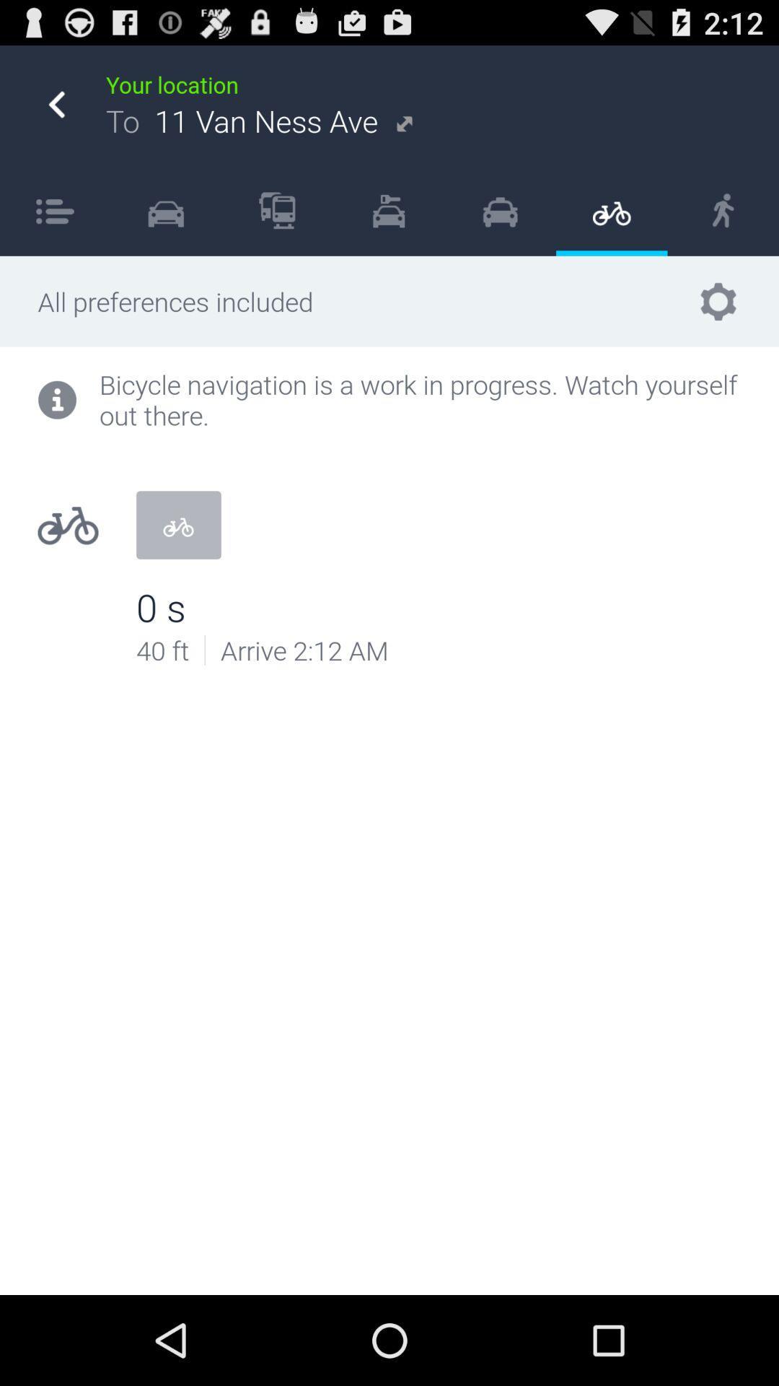 This screenshot has height=1386, width=779. Describe the element at coordinates (723, 209) in the screenshot. I see `item below your location item` at that location.